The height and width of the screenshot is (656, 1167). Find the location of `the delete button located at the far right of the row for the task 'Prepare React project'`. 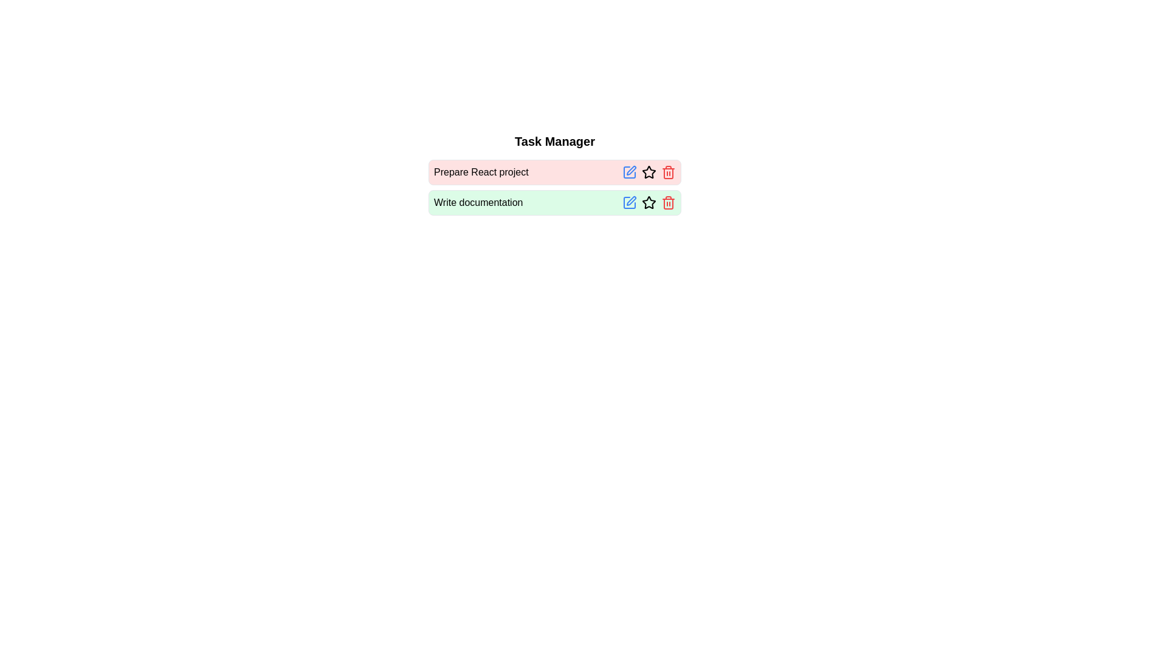

the delete button located at the far right of the row for the task 'Prepare React project' is located at coordinates (667, 173).